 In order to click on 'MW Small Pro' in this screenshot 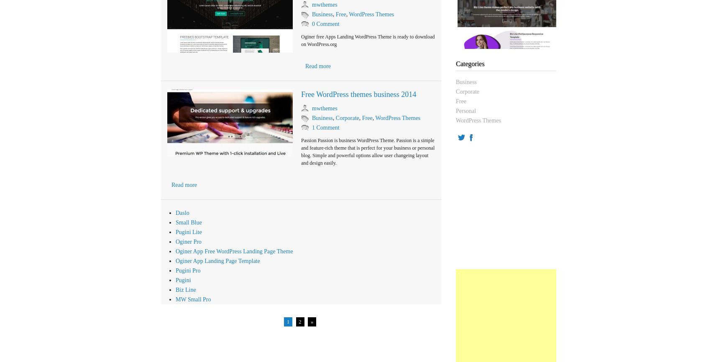, I will do `click(193, 299)`.